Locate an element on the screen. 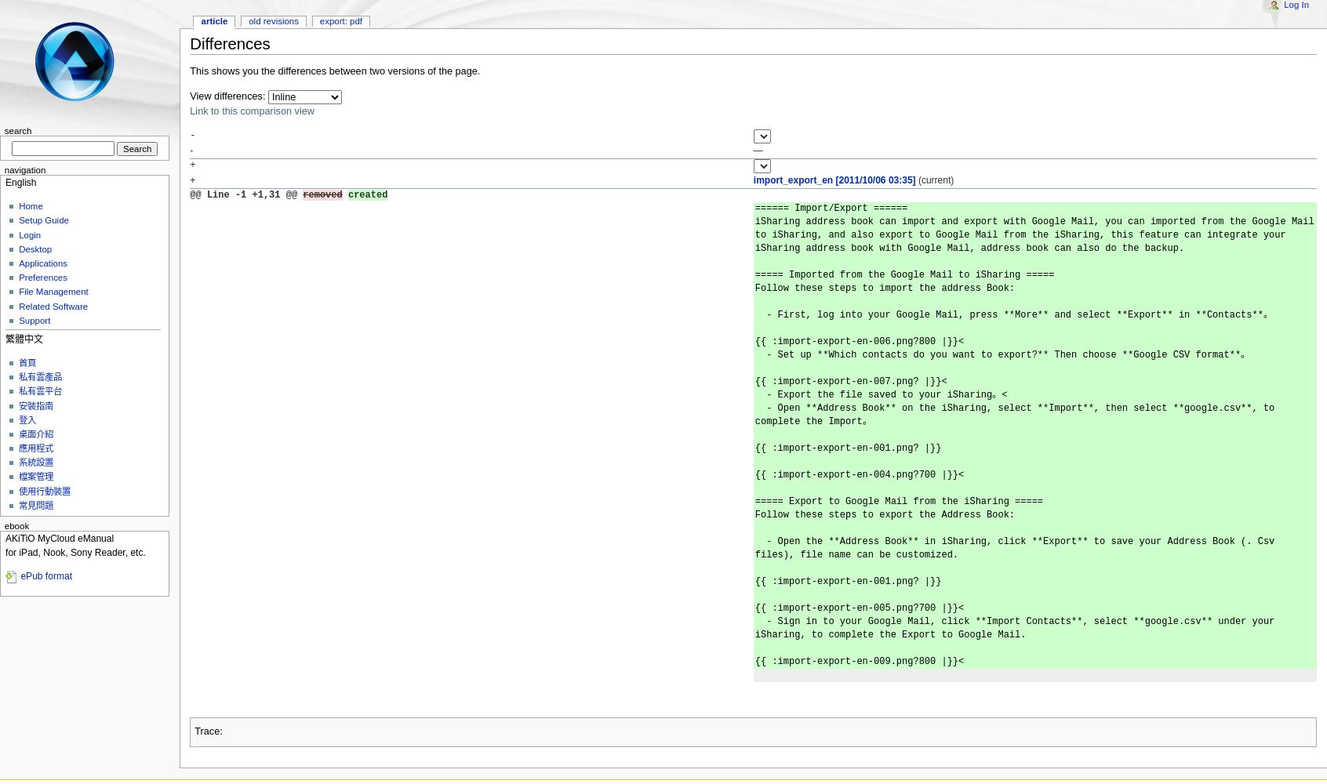 This screenshot has height=784, width=1327. '(current)' is located at coordinates (933, 180).